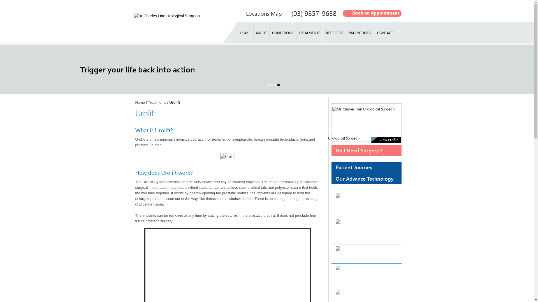 The width and height of the screenshot is (538, 302). I want to click on 'View Profile', so click(386, 140).